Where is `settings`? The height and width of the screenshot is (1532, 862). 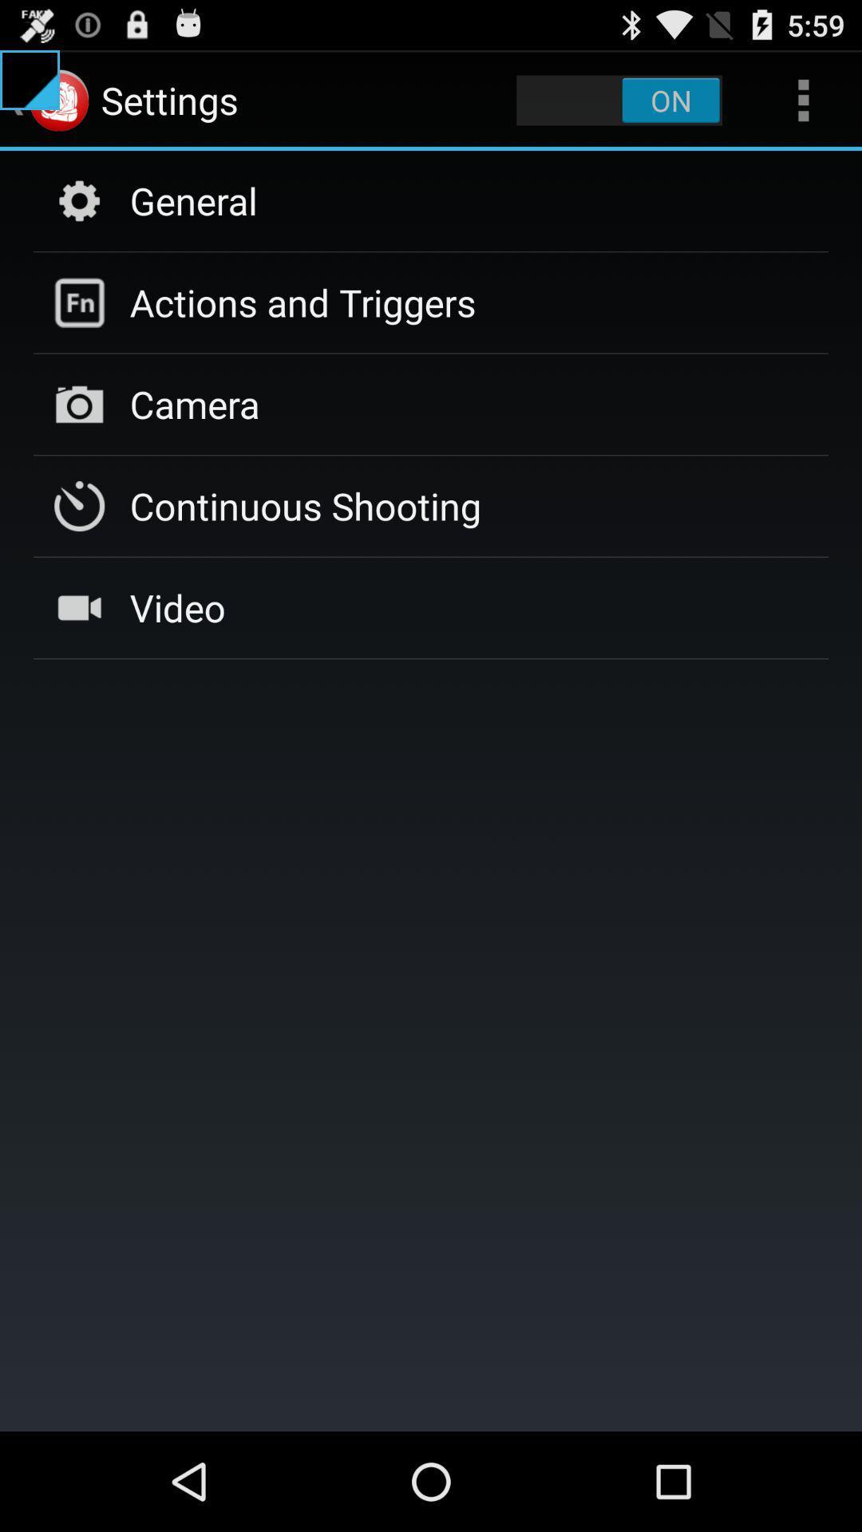
settings is located at coordinates (619, 99).